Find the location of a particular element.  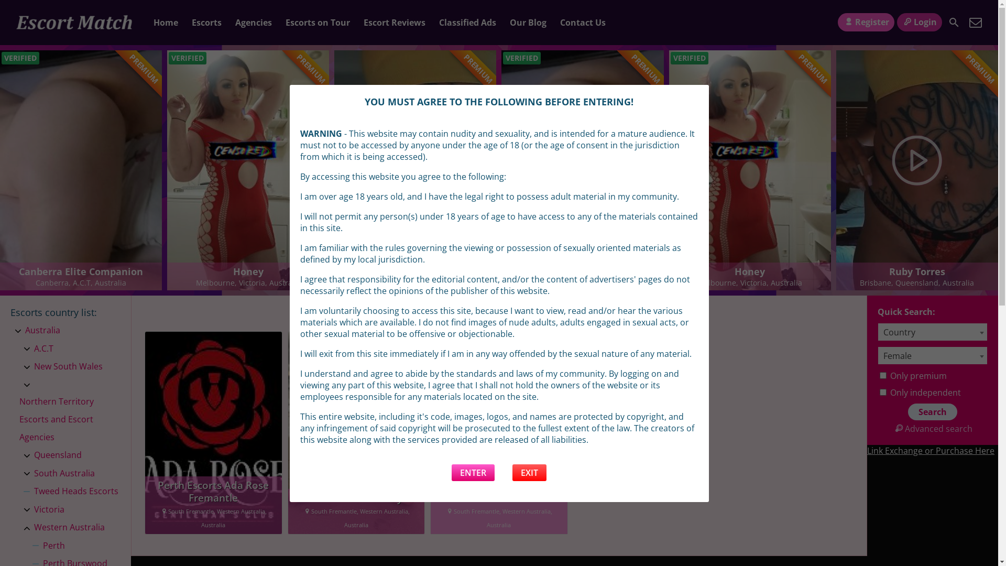

'Western Australia' is located at coordinates (69, 527).